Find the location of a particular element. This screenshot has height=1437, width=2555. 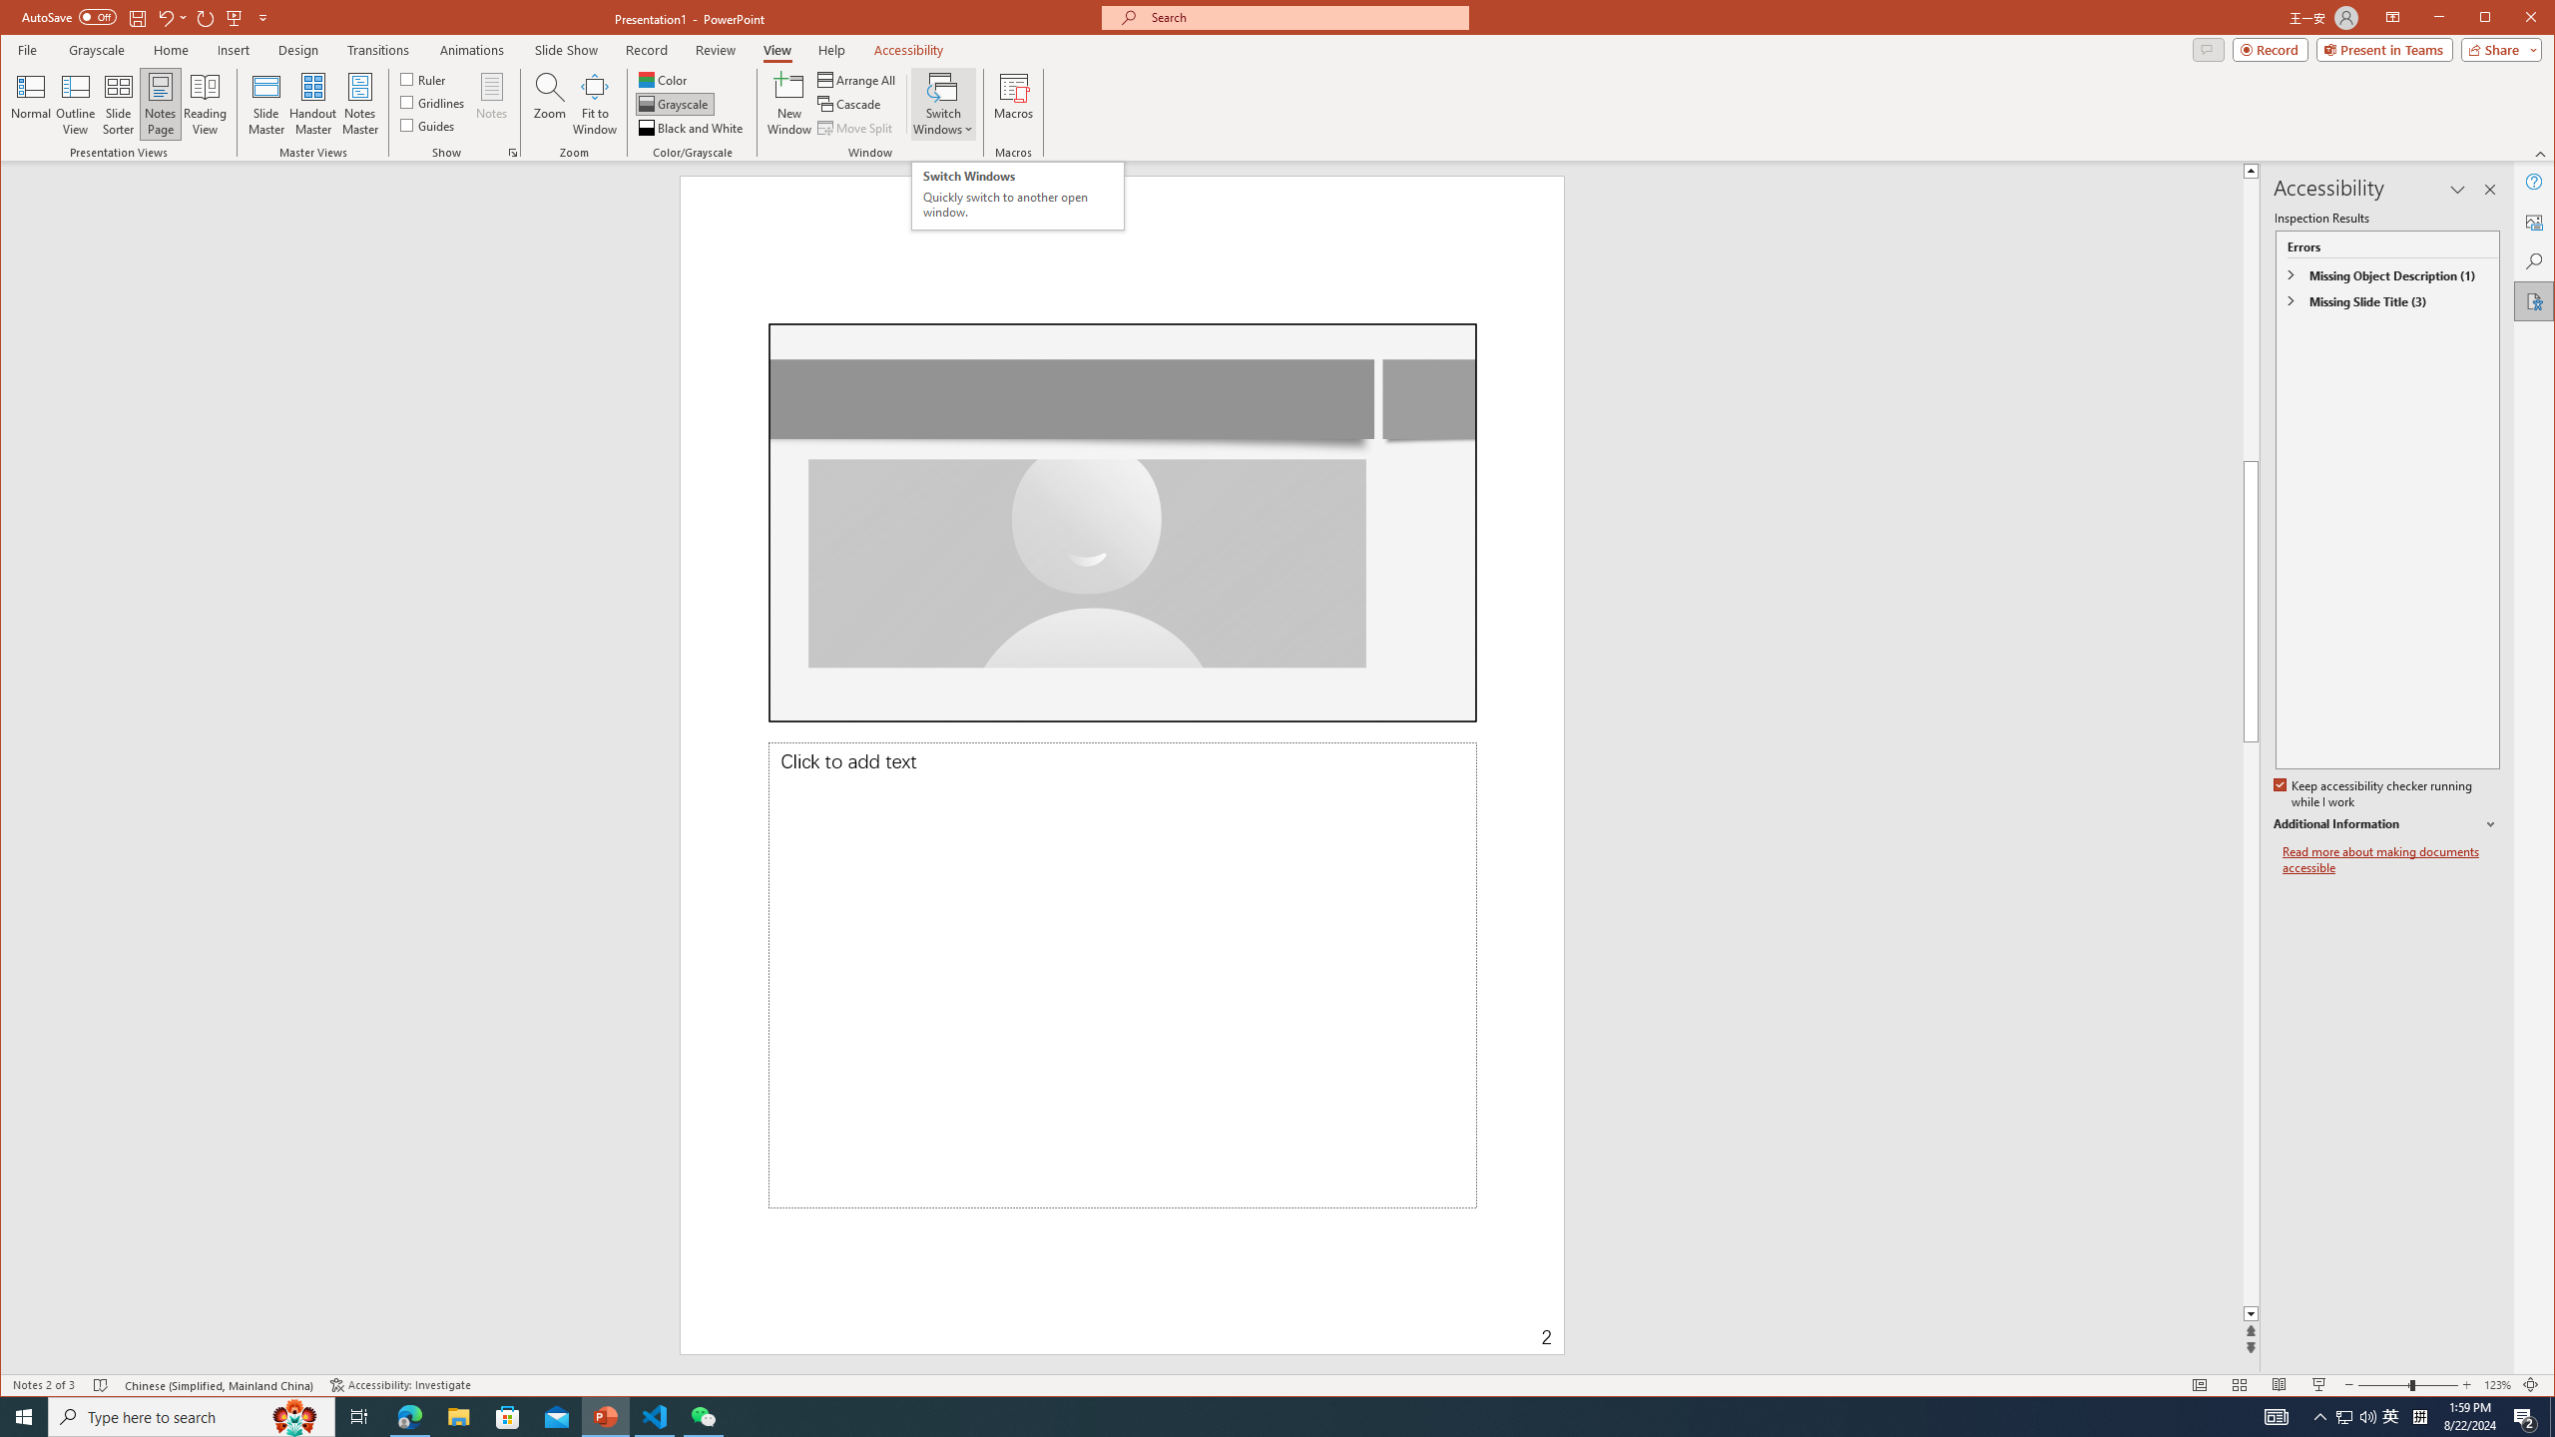

'Zoom...' is located at coordinates (549, 103).